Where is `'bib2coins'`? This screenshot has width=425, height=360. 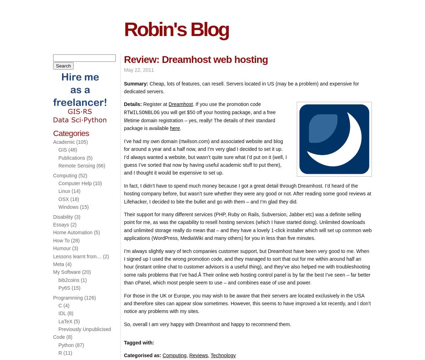 'bib2coins' is located at coordinates (68, 279).